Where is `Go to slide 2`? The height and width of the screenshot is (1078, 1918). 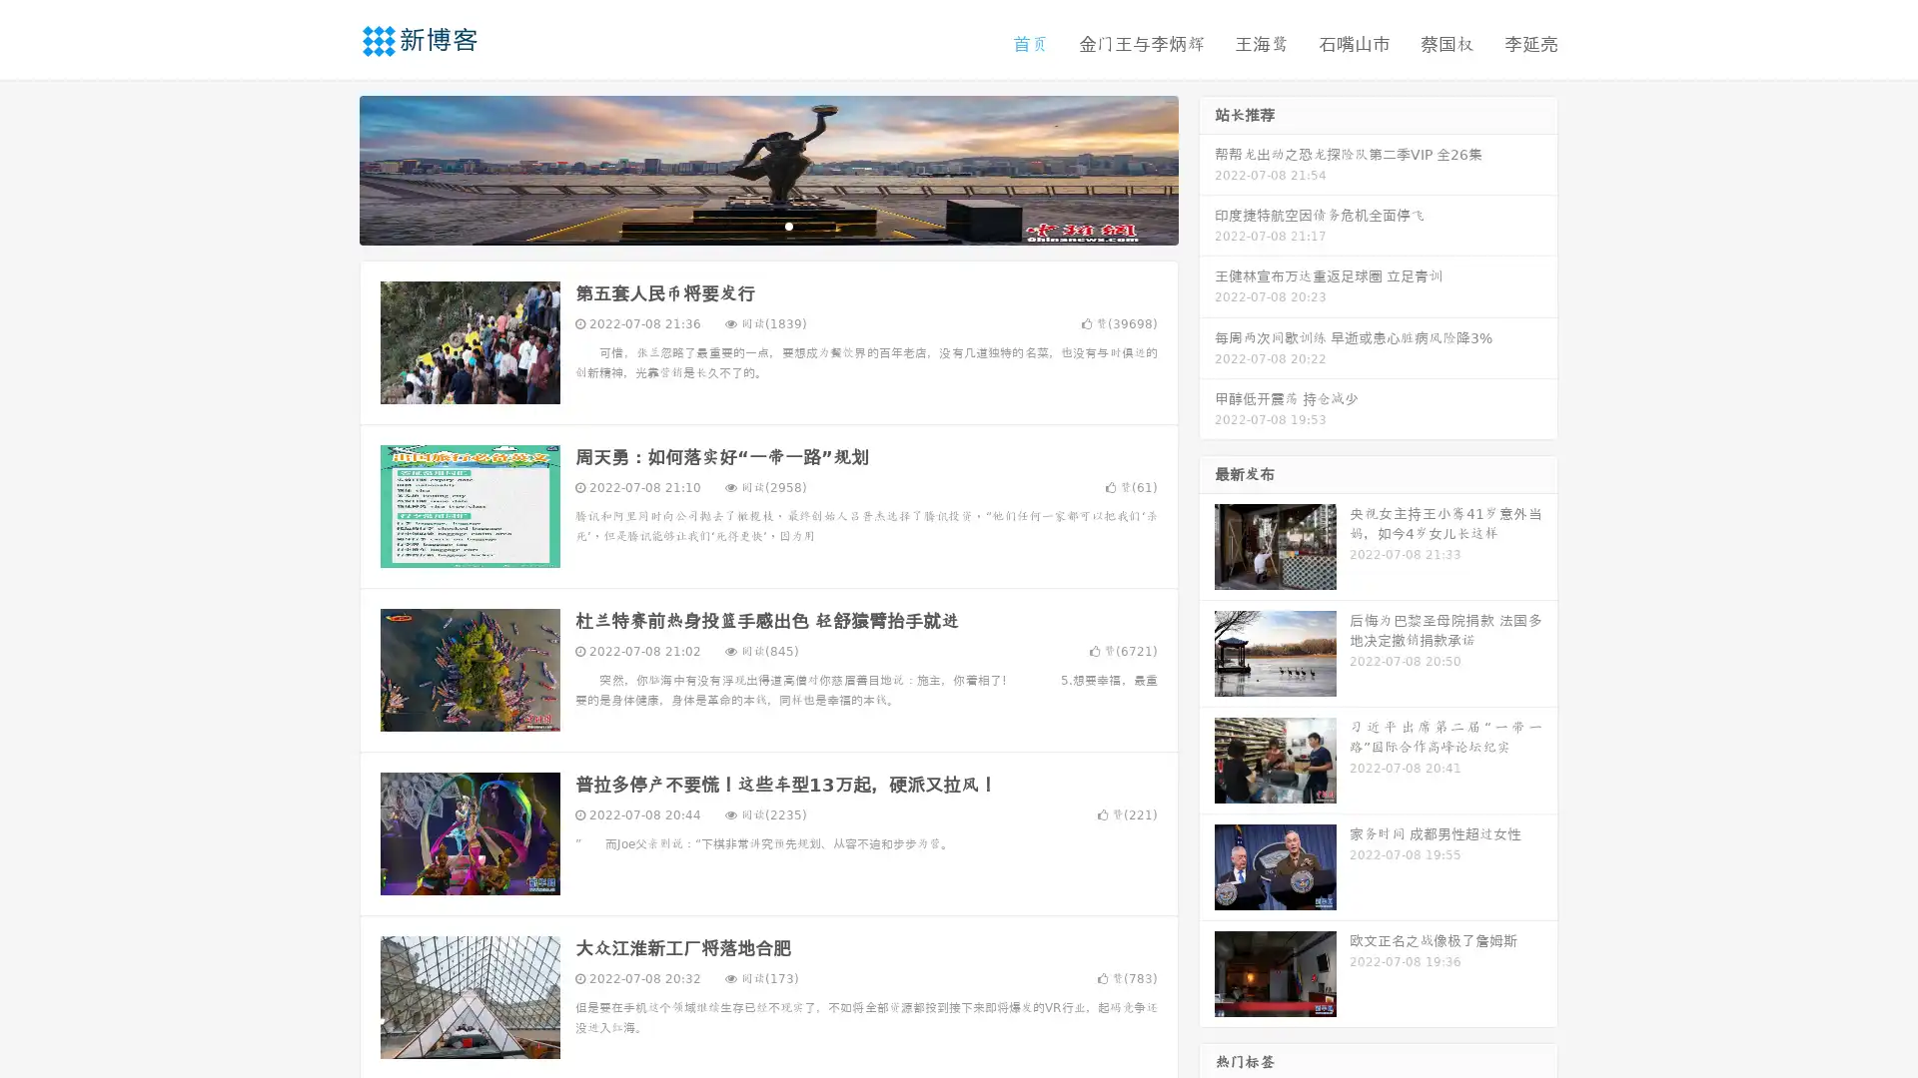 Go to slide 2 is located at coordinates (767, 225).